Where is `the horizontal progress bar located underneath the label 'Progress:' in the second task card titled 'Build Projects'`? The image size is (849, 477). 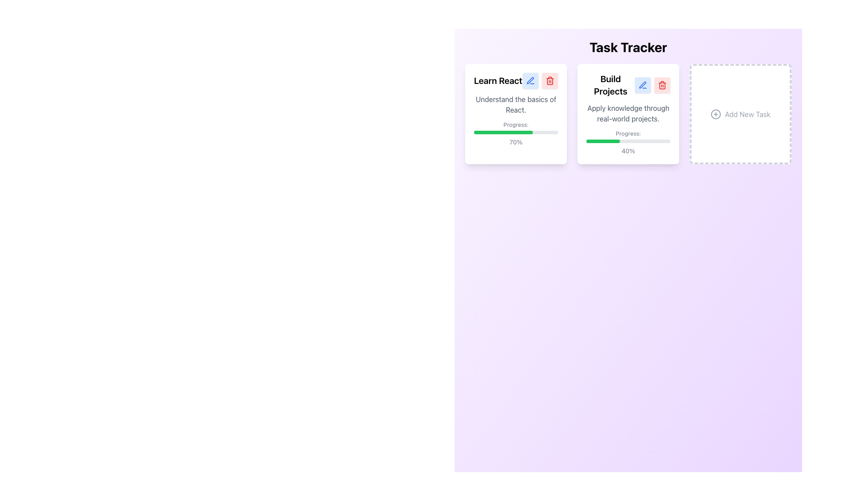 the horizontal progress bar located underneath the label 'Progress:' in the second task card titled 'Build Projects' is located at coordinates (627, 141).